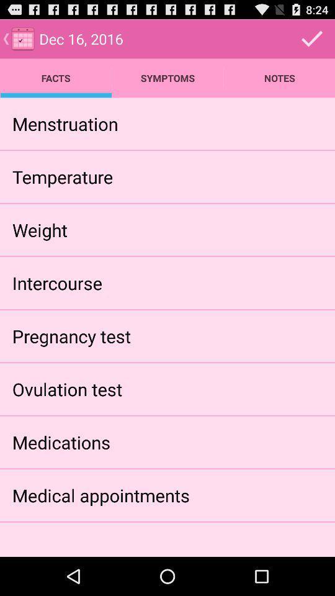  Describe the element at coordinates (65, 124) in the screenshot. I see `menstruation item` at that location.